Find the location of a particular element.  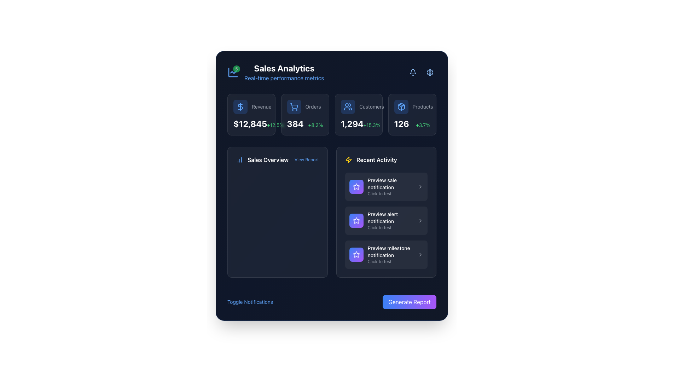

displayed text from the Header with a green badge showing '5' and text 'Sales Analytics' and 'Real-time performance metrics' on a dark background is located at coordinates (275, 72).